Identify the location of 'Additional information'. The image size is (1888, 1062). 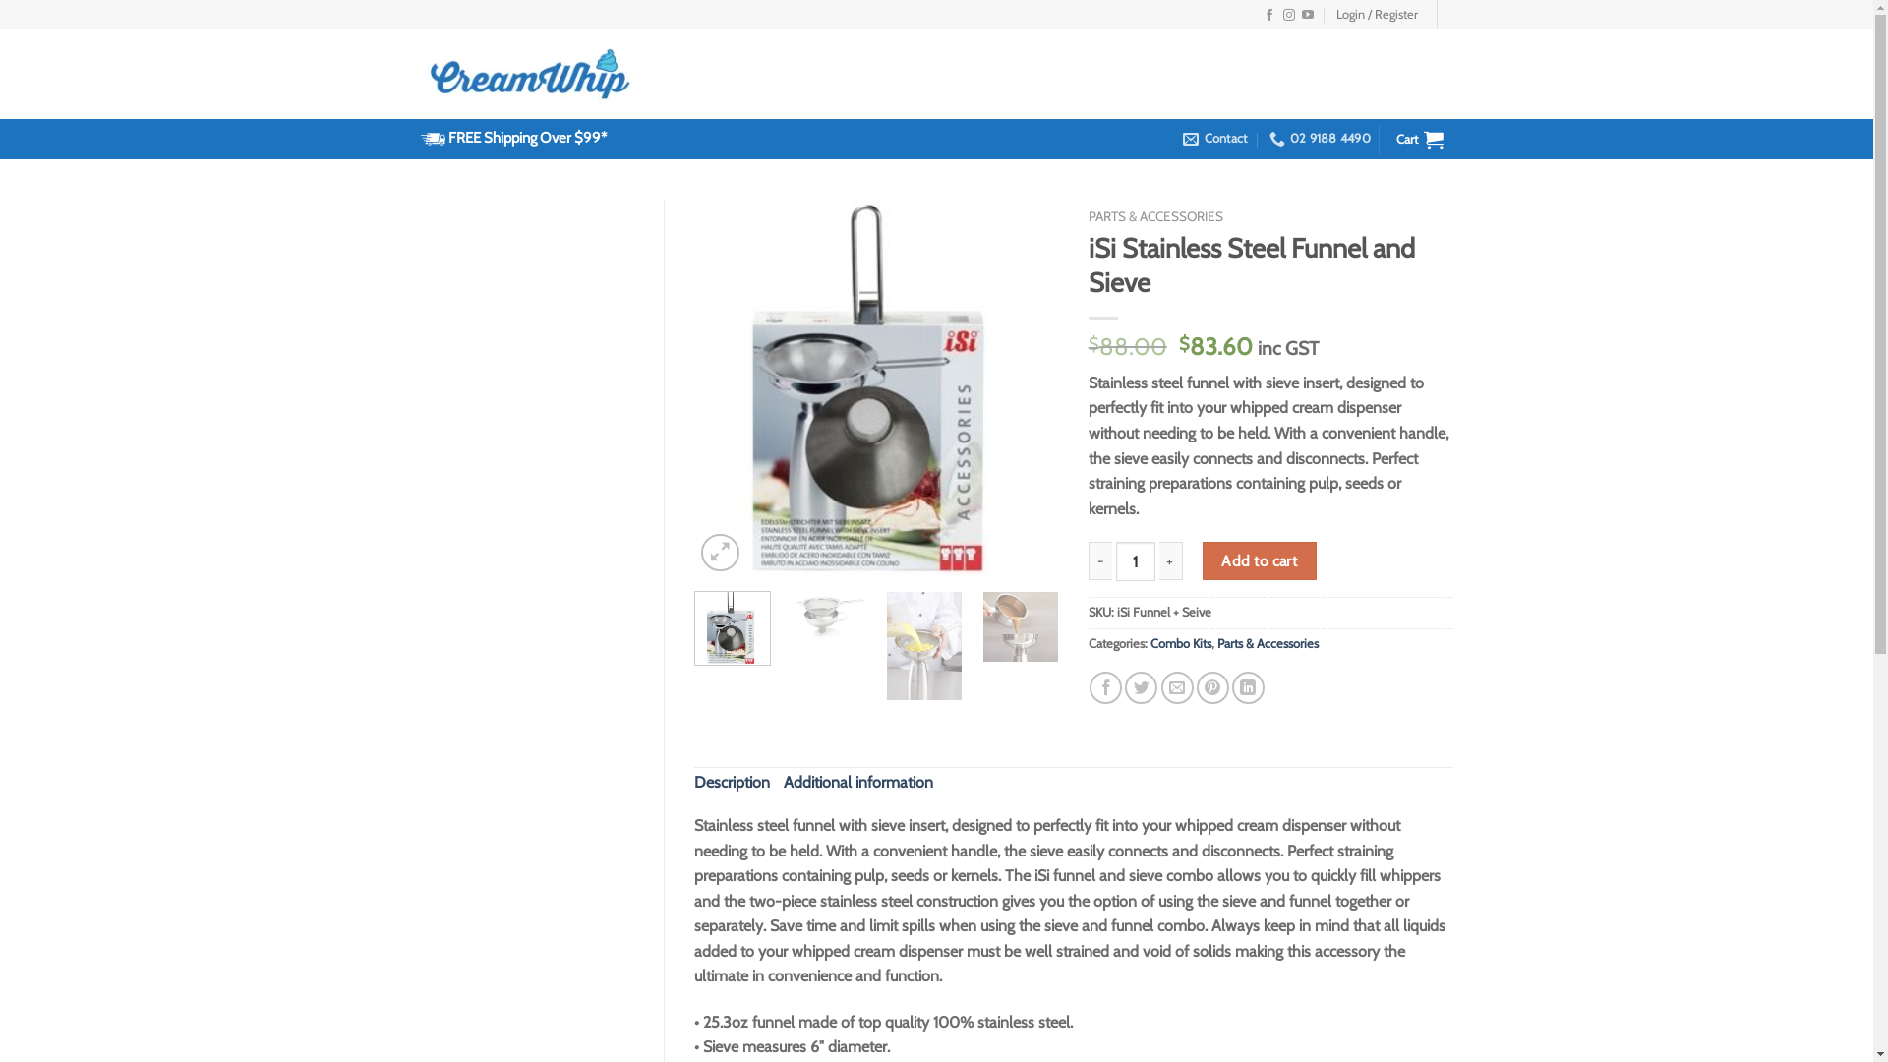
(858, 781).